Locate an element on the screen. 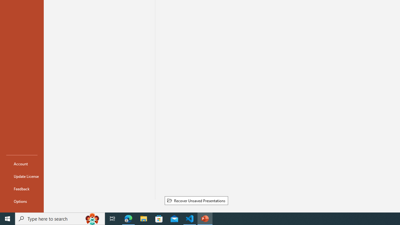  'Feedback' is located at coordinates (22, 188).